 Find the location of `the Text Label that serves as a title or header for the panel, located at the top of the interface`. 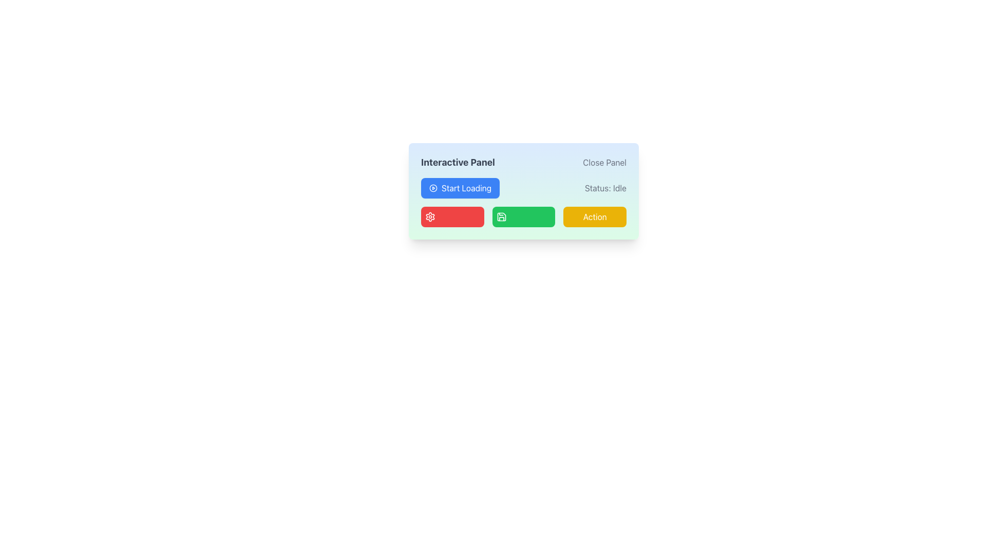

the Text Label that serves as a title or header for the panel, located at the top of the interface is located at coordinates (458, 162).